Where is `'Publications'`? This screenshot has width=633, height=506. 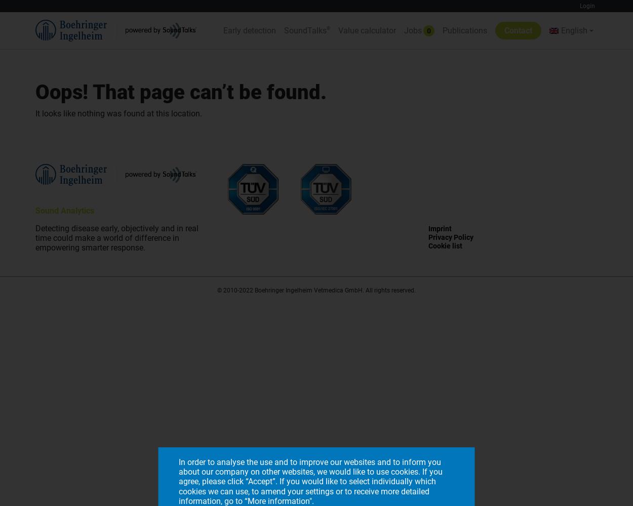 'Publications' is located at coordinates (465, 30).